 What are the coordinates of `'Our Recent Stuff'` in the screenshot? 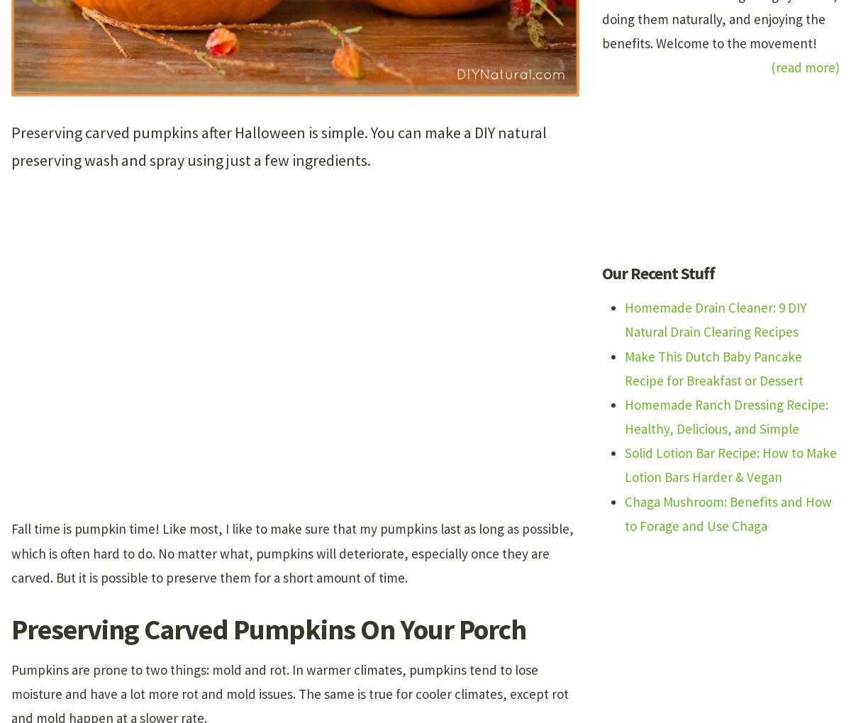 It's located at (658, 273).